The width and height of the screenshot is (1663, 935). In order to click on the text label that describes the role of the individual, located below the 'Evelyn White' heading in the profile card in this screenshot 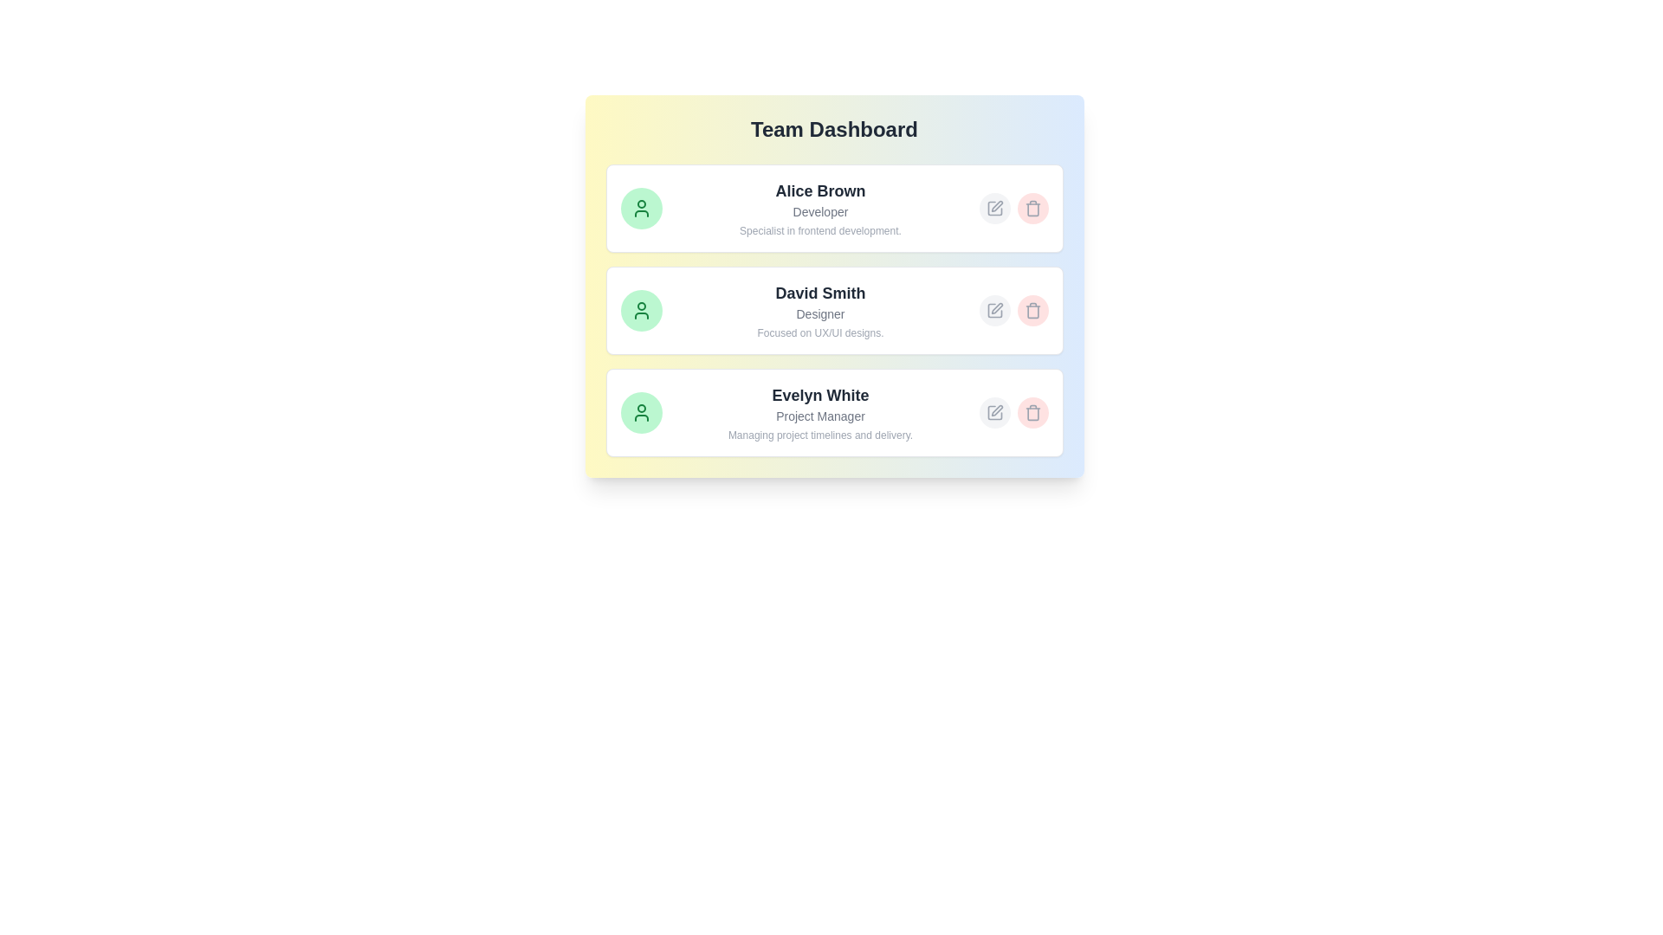, I will do `click(819, 416)`.